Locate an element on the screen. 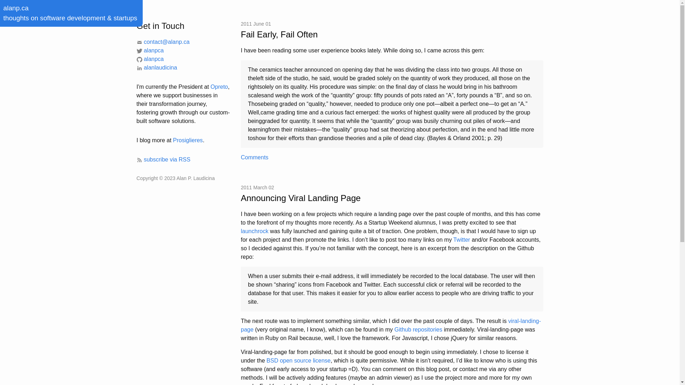 The image size is (685, 385). 'Opreto' is located at coordinates (219, 86).